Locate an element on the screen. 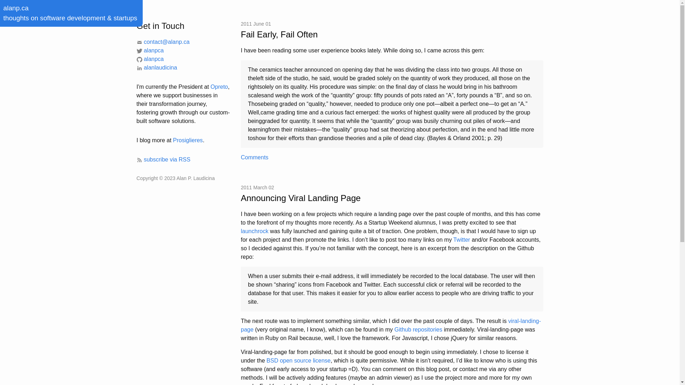 The image size is (685, 385). 'Opreto' is located at coordinates (219, 86).